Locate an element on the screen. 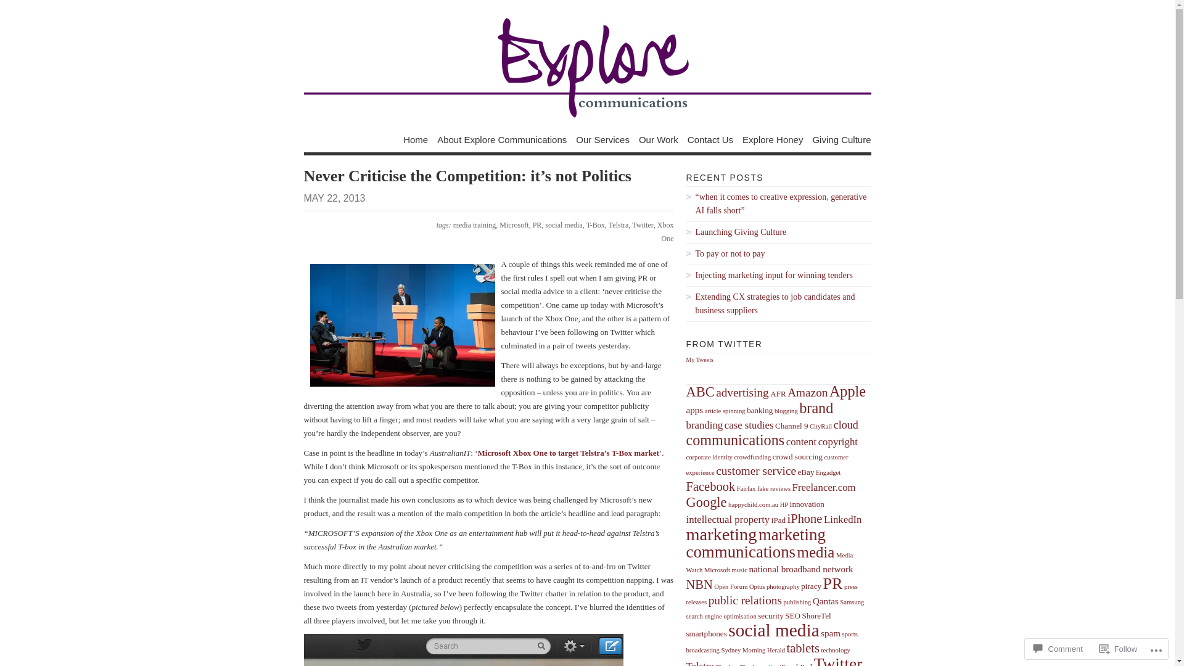 The height and width of the screenshot is (666, 1184). 'PR' is located at coordinates (537, 225).